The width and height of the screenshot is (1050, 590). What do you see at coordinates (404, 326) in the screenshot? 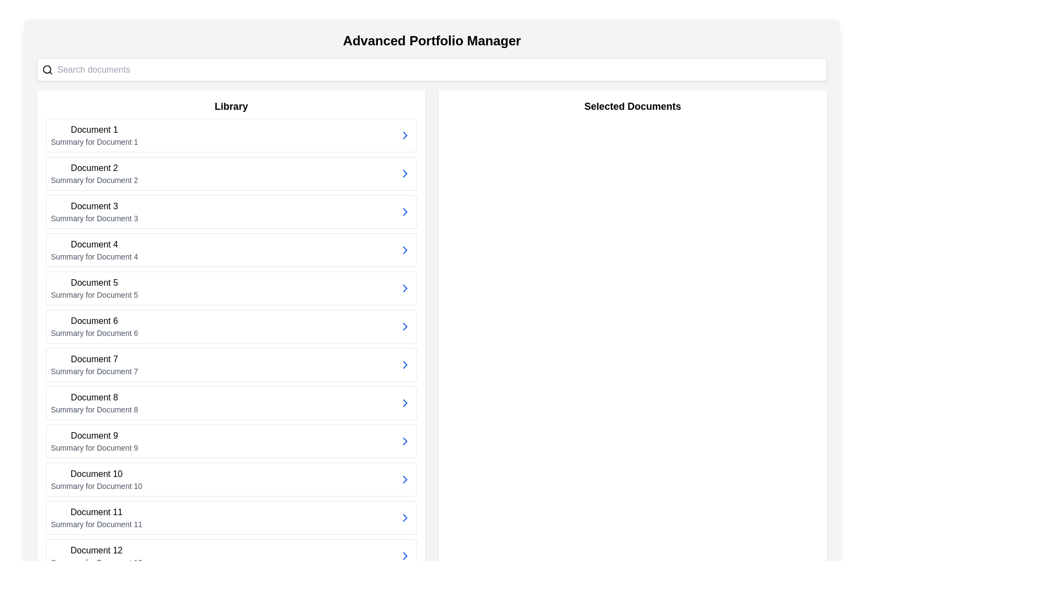
I see `the rightward-pointing blue chevron icon located at the far right side of the list item for 'Document 6'` at bounding box center [404, 326].